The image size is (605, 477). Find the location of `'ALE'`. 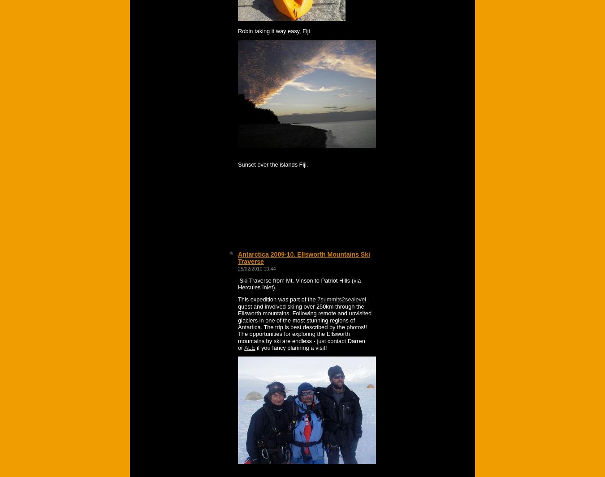

'ALE' is located at coordinates (243, 347).